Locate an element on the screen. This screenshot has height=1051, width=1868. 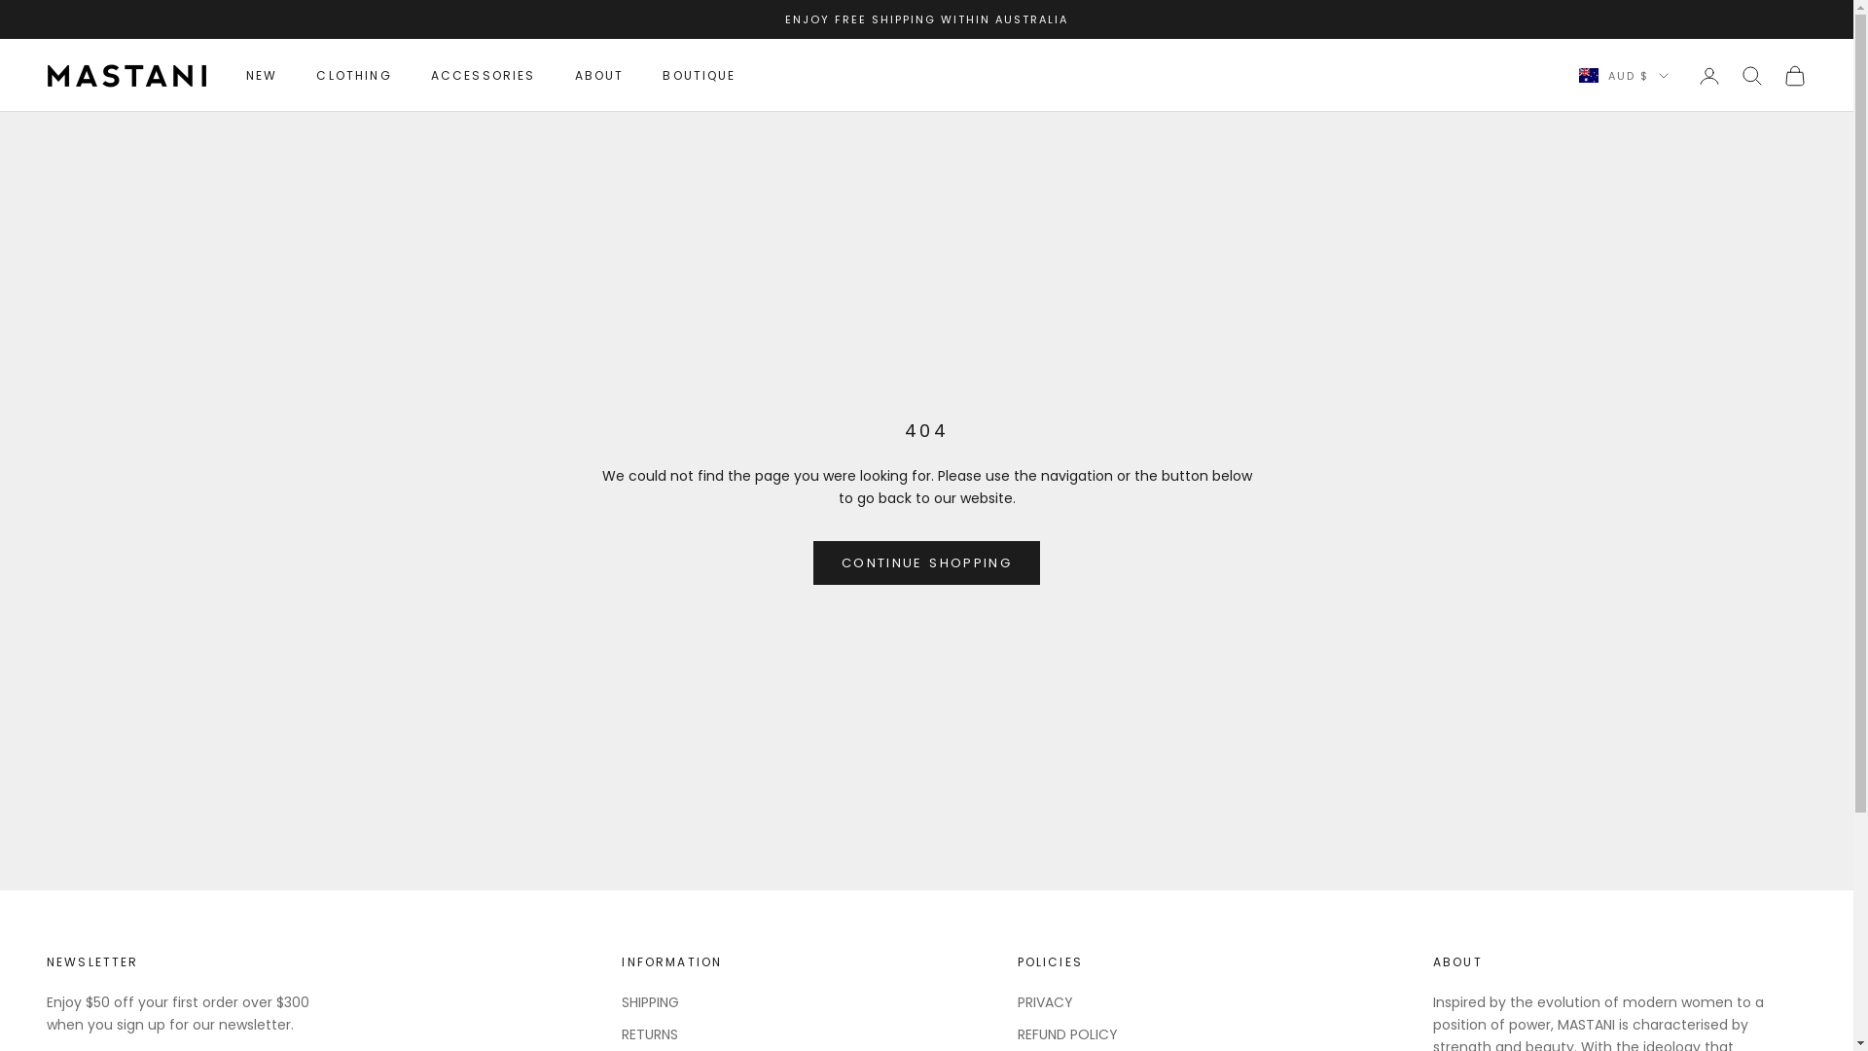
'RETURNS' is located at coordinates (649, 1033).